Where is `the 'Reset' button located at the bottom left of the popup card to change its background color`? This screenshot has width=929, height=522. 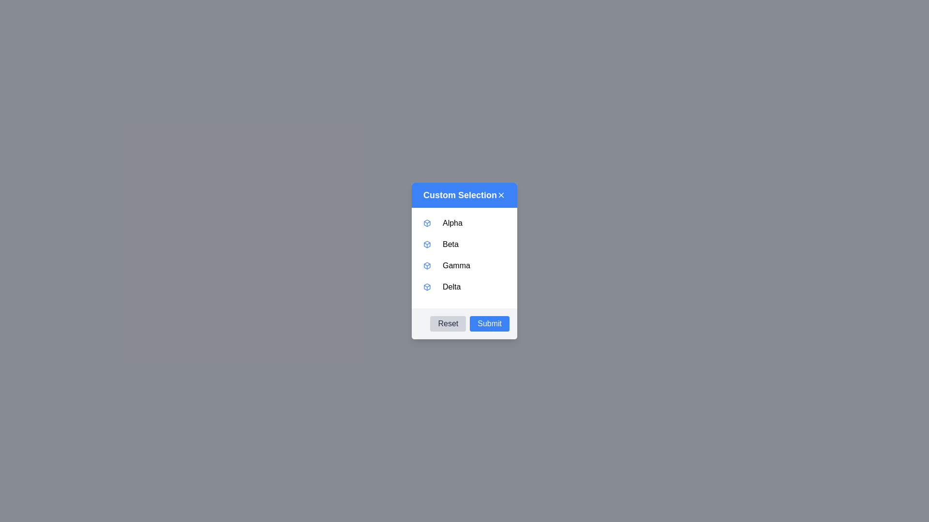 the 'Reset' button located at the bottom left of the popup card to change its background color is located at coordinates (448, 324).